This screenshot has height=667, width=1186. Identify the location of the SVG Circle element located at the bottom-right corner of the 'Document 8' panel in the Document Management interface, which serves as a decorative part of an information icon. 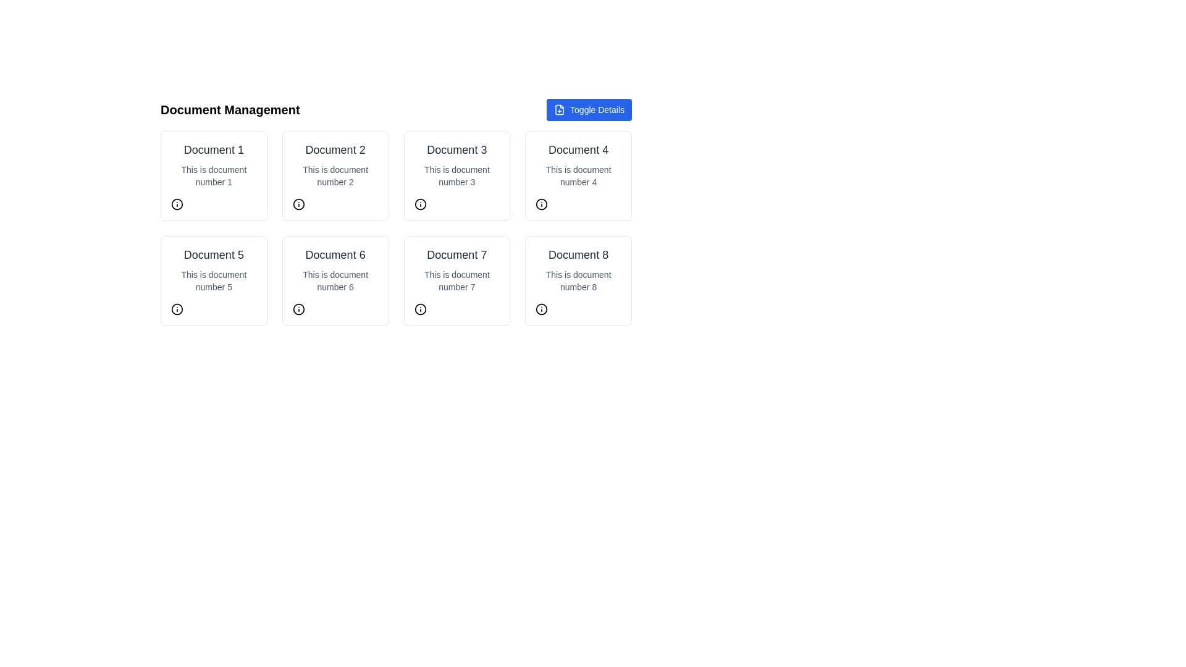
(542, 309).